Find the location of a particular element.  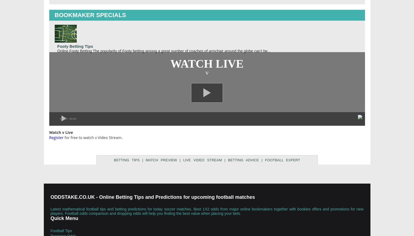

'for free to watch  v  Video Stream.' is located at coordinates (93, 137).